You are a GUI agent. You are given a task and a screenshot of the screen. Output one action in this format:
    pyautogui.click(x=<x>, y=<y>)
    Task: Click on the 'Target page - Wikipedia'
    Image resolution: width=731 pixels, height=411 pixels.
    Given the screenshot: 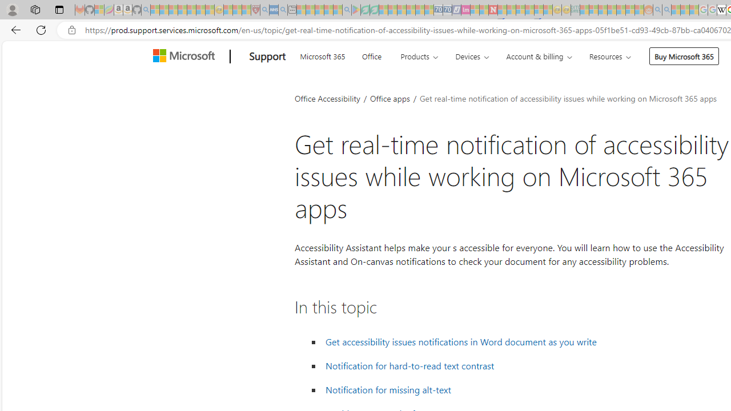 What is the action you would take?
    pyautogui.click(x=721, y=10)
    